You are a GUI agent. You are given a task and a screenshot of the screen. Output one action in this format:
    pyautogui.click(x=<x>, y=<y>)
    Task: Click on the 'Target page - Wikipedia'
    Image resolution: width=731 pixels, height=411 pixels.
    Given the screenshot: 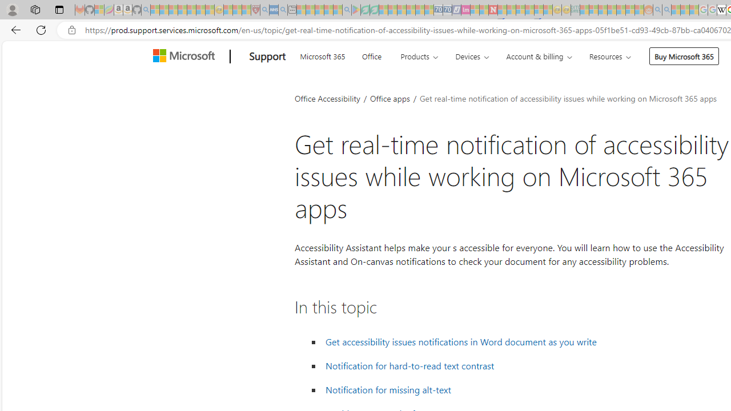 What is the action you would take?
    pyautogui.click(x=721, y=10)
    